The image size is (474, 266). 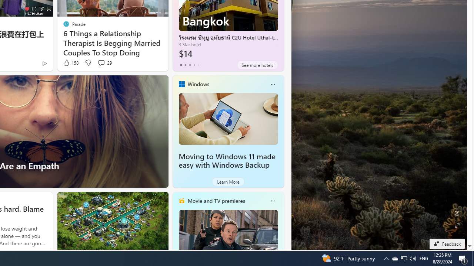 I want to click on 'Windows', so click(x=198, y=83).